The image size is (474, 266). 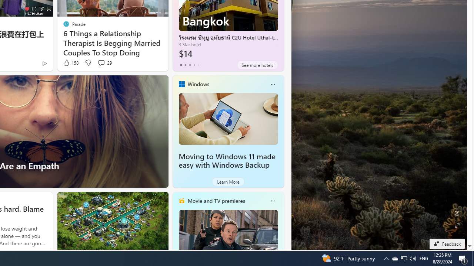 I want to click on 'Windows', so click(x=198, y=83).